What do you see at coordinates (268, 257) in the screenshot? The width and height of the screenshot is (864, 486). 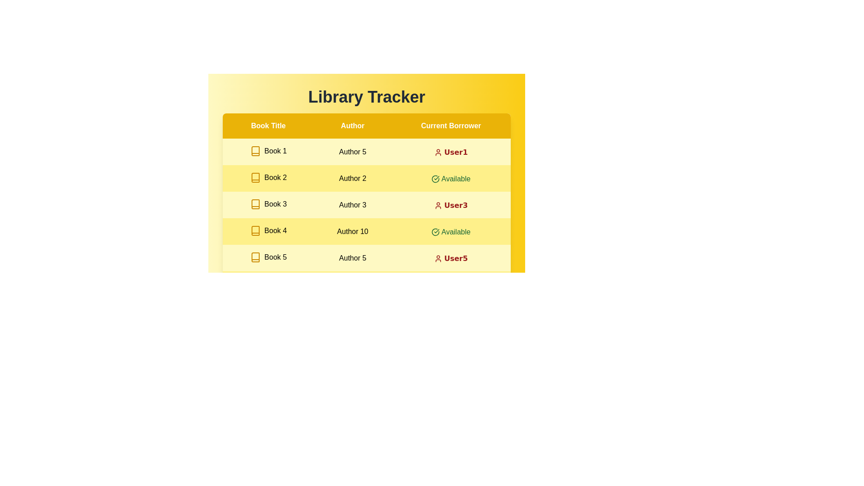 I see `the book title Book 5 to inspect its details` at bounding box center [268, 257].